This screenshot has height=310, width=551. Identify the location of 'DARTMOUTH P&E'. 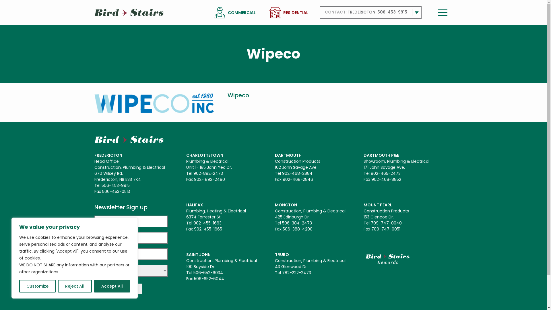
(381, 155).